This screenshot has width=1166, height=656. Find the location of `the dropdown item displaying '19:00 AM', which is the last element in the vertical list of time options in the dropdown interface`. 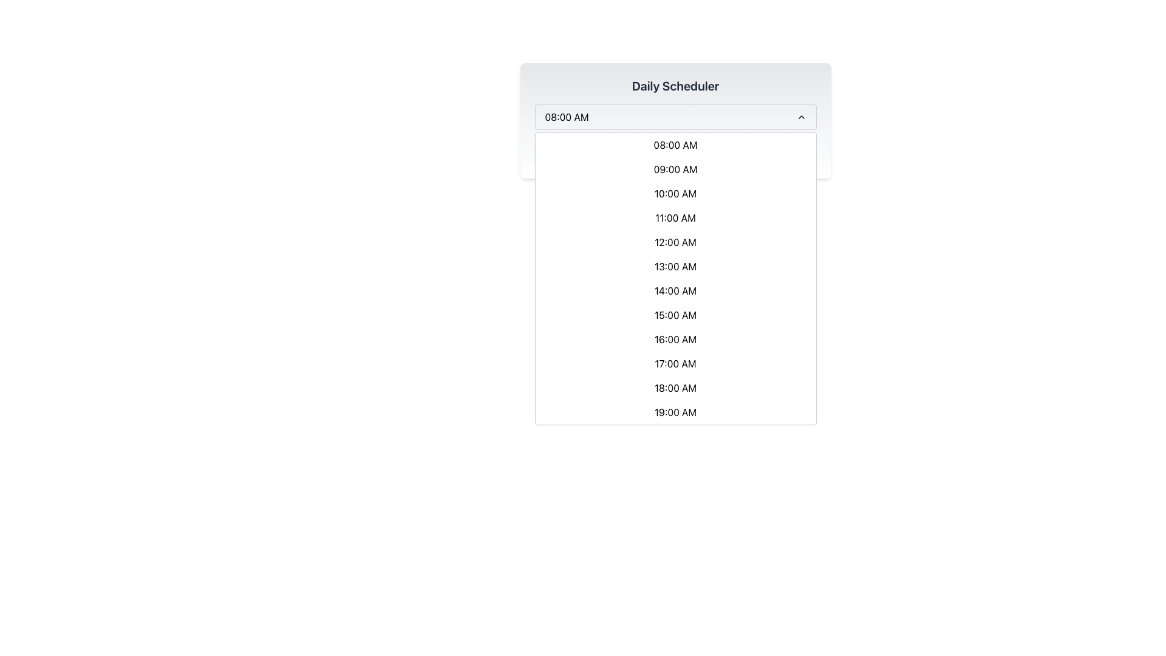

the dropdown item displaying '19:00 AM', which is the last element in the vertical list of time options in the dropdown interface is located at coordinates (675, 411).